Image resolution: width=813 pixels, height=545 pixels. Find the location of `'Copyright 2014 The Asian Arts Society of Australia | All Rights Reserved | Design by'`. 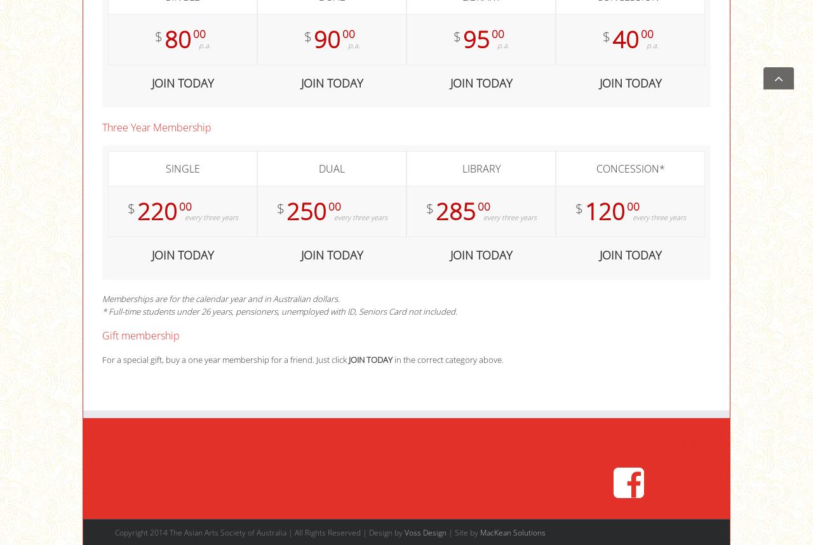

'Copyright 2014 The Asian Arts Society of Australia | All Rights Reserved | Design by' is located at coordinates (259, 532).